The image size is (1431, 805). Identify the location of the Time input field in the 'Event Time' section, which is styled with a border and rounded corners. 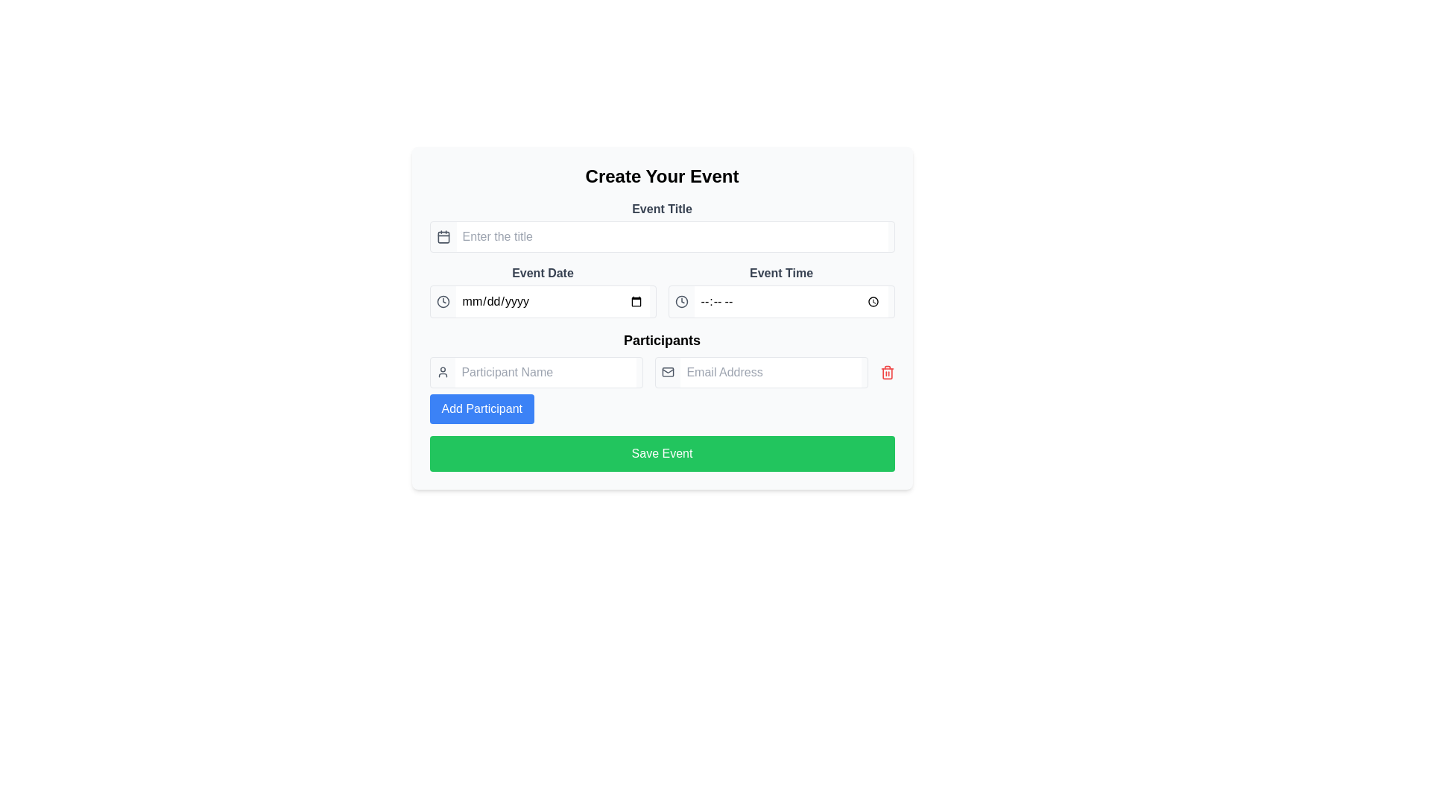
(780, 302).